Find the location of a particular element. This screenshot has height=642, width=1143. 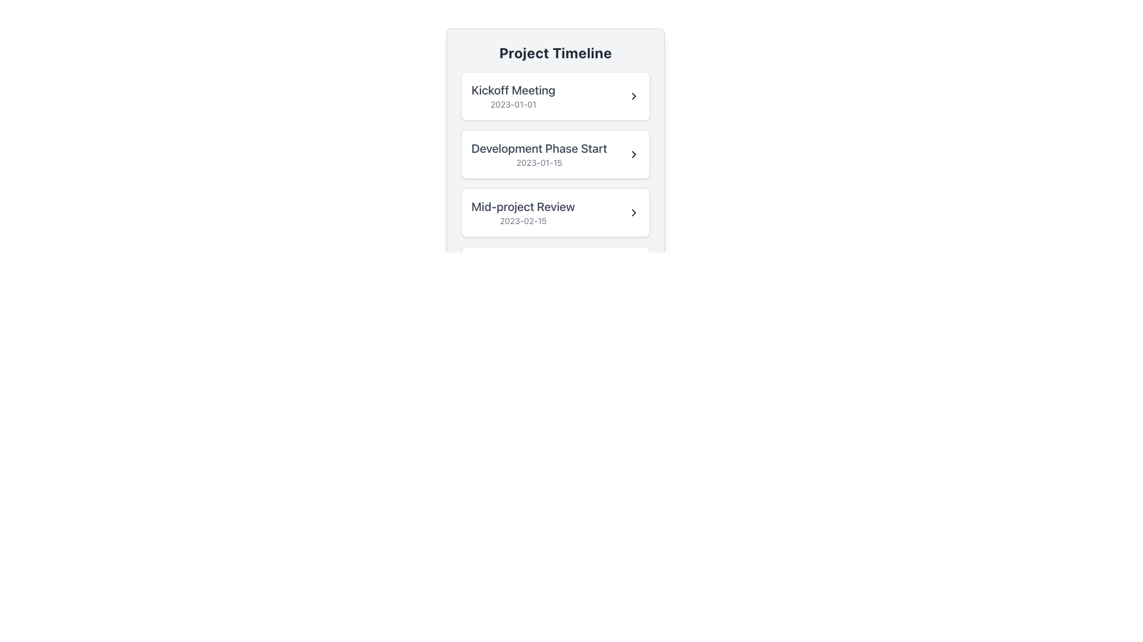

the arrow-shaped icon resembling a 'chevron right' symbol located at the extreme right of the card labeled 'Development Phase Start' with the date '2023-01-15' is located at coordinates (633, 153).